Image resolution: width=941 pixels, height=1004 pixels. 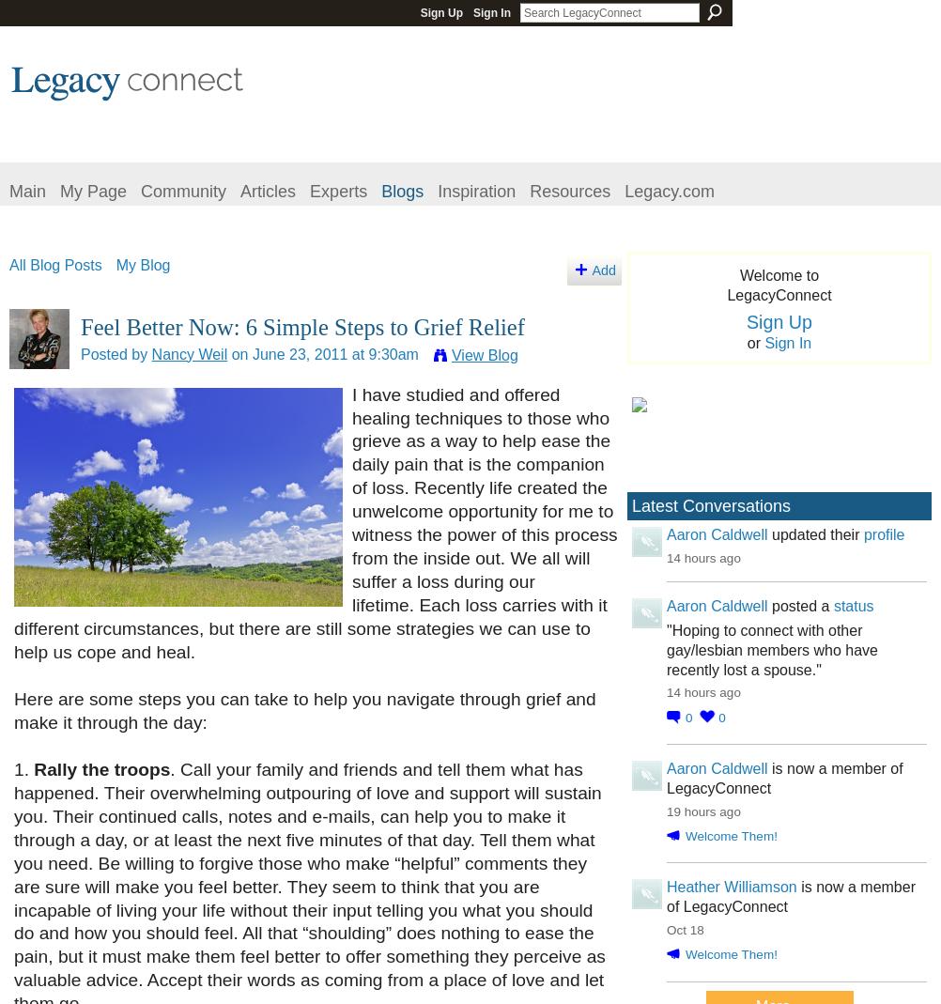 I want to click on 'profile', so click(x=862, y=533).